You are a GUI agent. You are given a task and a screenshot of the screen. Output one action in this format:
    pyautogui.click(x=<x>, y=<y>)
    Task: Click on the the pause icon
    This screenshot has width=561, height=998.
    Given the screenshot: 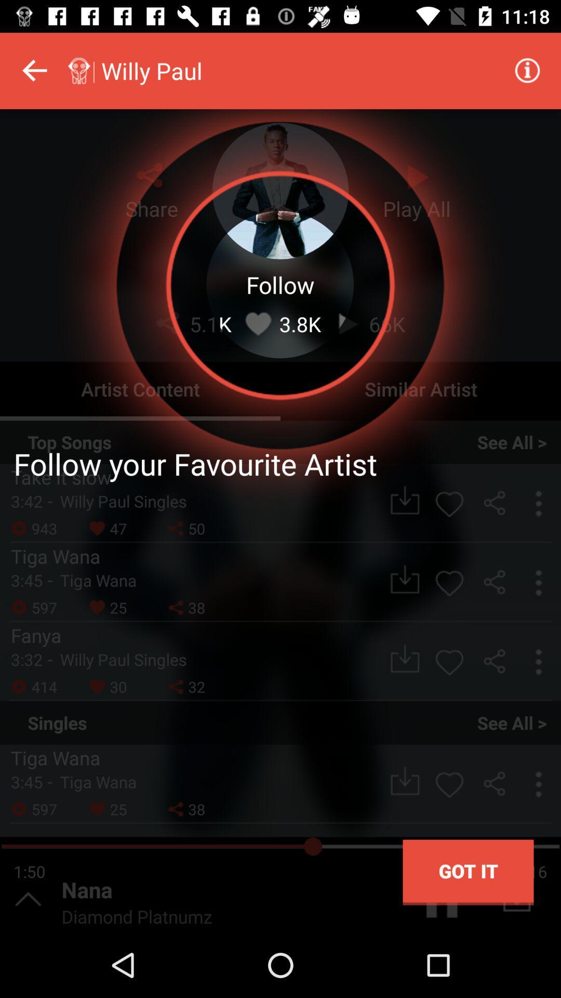 What is the action you would take?
    pyautogui.click(x=444, y=901)
    